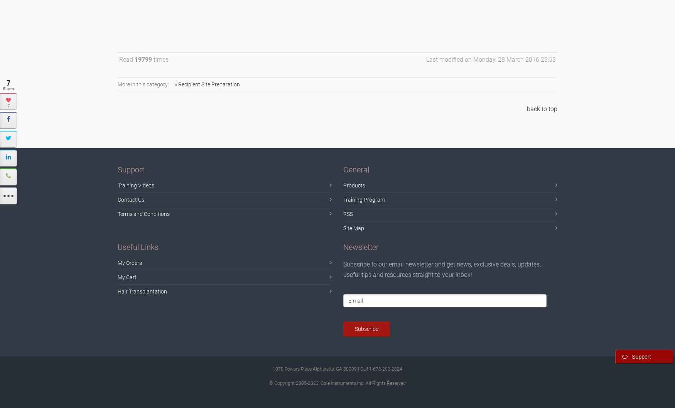  What do you see at coordinates (143, 84) in the screenshot?
I see `'More in this category:'` at bounding box center [143, 84].